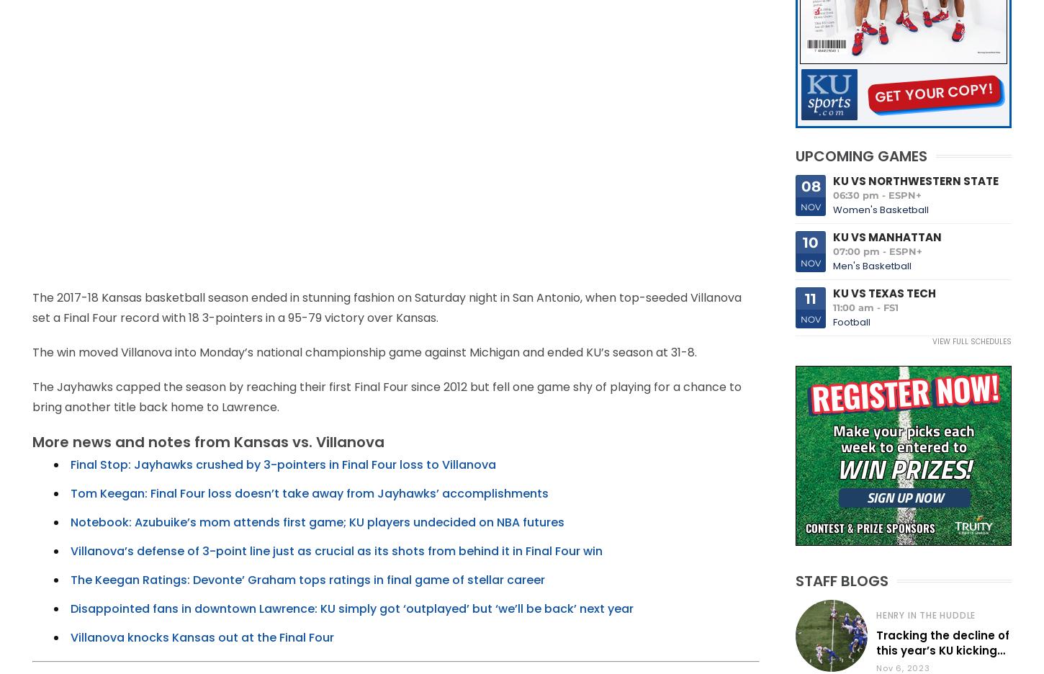  I want to click on 'The 2017-18 Kansas basketball season ended in stunning fashion on Saturday night in San Antonio, when top-seeded Villanova set a Final Four record with 18 3-pointers in a 95-79 victory over Kansas.', so click(32, 307).